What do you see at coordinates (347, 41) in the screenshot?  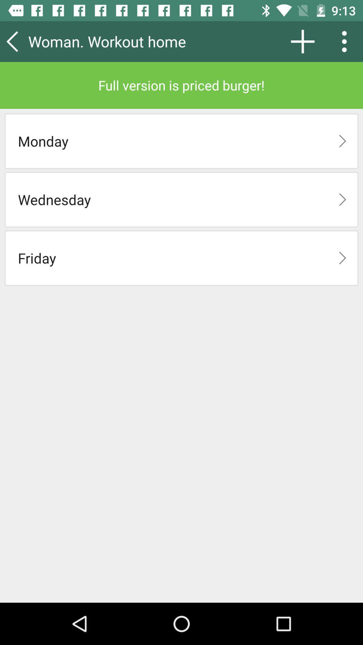 I see `the icon above the full version is` at bounding box center [347, 41].